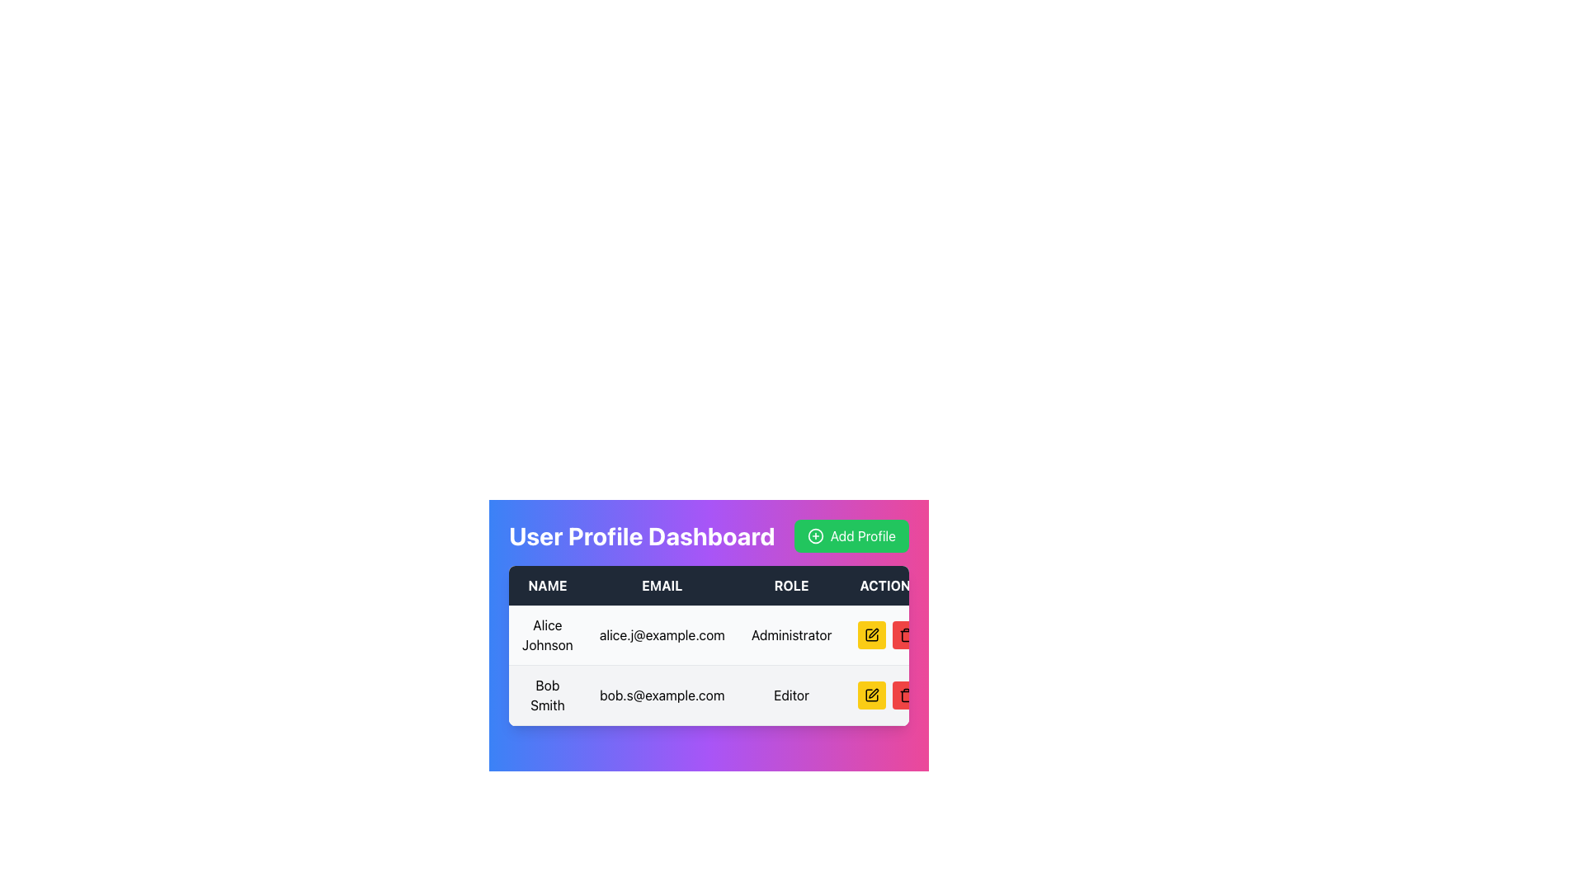 This screenshot has width=1584, height=891. I want to click on the Text Label indicating the user's role as 'Administrator' in the table row corresponding to 'Alice Johnson', so click(790, 634).